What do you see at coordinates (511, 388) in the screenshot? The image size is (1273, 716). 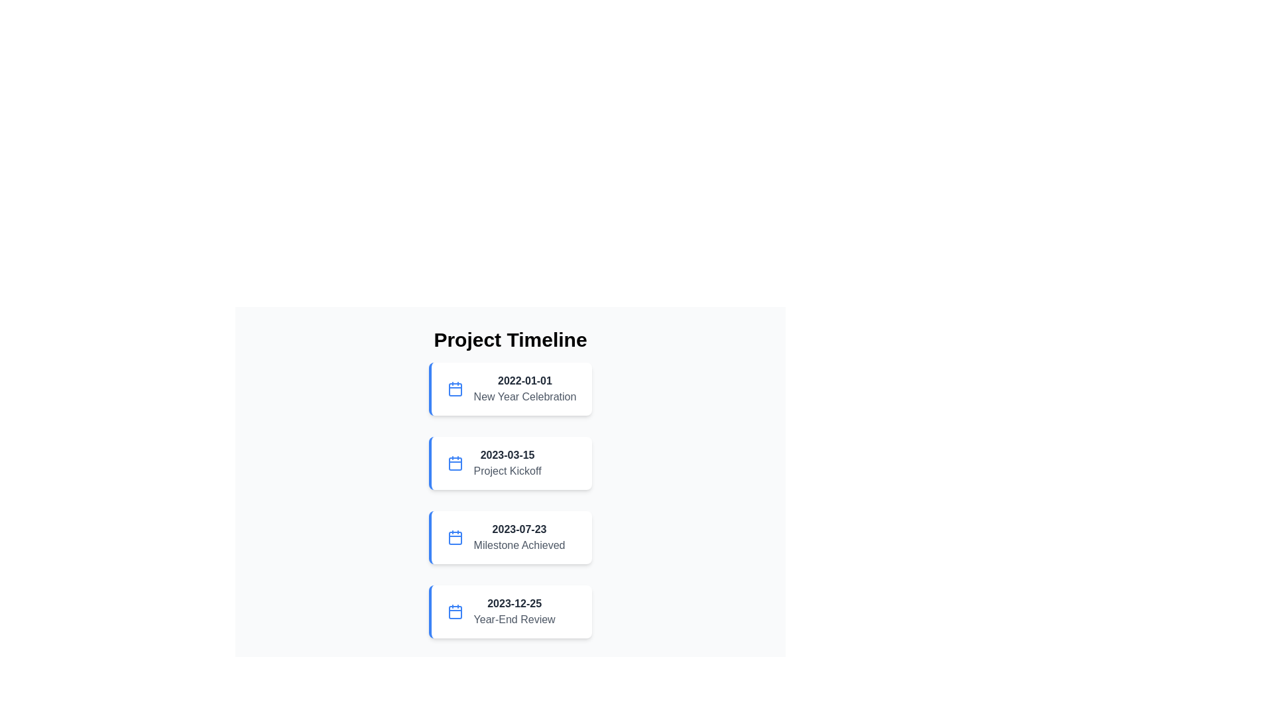 I see `the first List Item (Event) displaying the date '2022-01-01' and title 'New Year Celebration'` at bounding box center [511, 388].